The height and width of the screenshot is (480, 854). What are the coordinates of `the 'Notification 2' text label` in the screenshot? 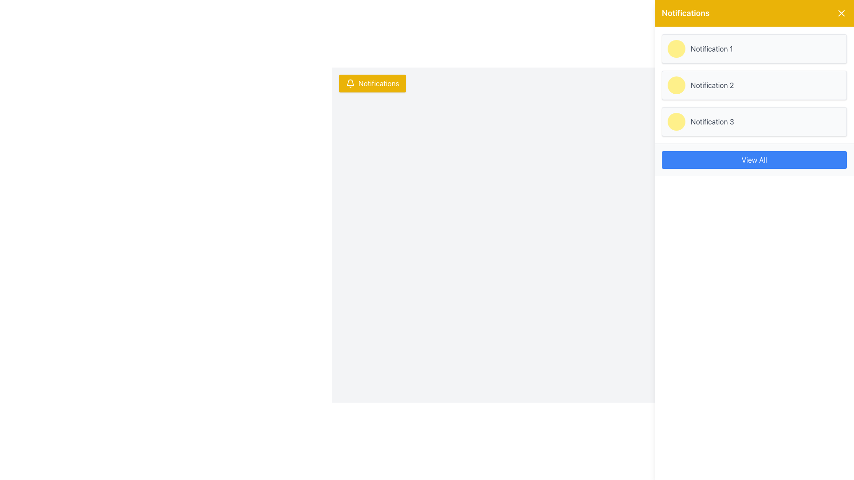 It's located at (712, 85).